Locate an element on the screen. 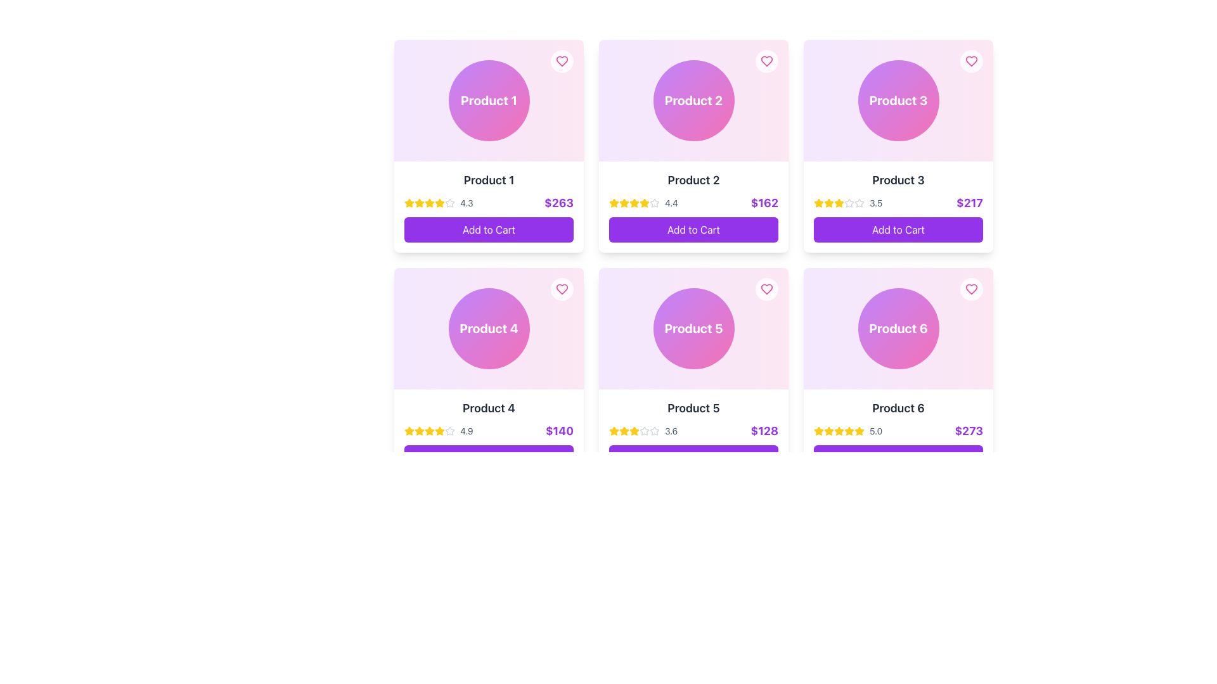 The width and height of the screenshot is (1217, 684). the circular button with a pink heart icon located in the top-right corner of the 'Product 1' card is located at coordinates (562, 61).